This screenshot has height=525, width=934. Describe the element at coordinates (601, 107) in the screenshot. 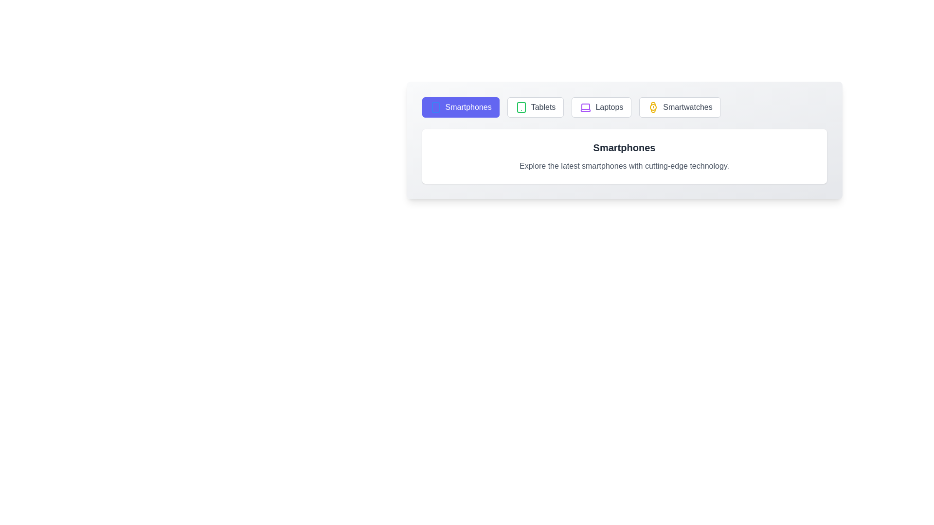

I see `the tab labeled Laptops to switch to its respective section` at that location.